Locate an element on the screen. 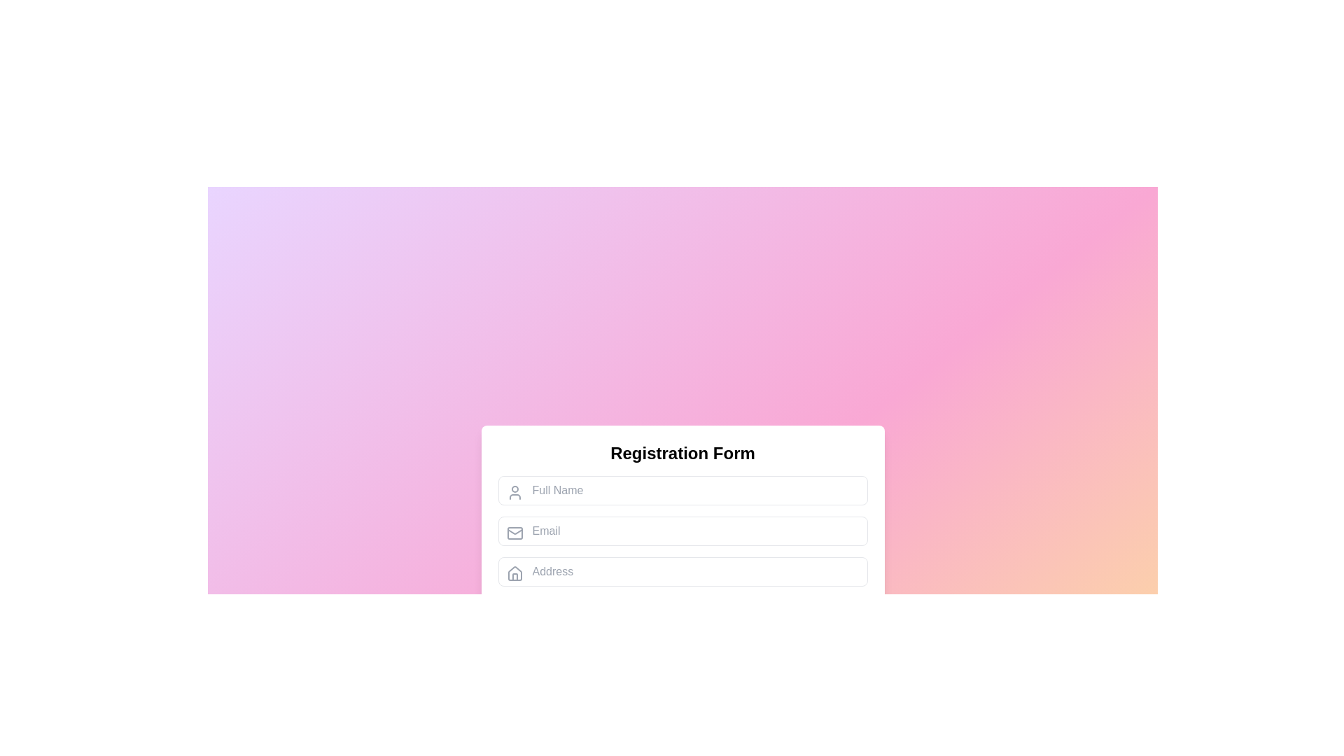 This screenshot has width=1344, height=756. the graphic/icon indicating the 'Full Name' input field located in the top-left corner of the input field in the registration form is located at coordinates (514, 491).